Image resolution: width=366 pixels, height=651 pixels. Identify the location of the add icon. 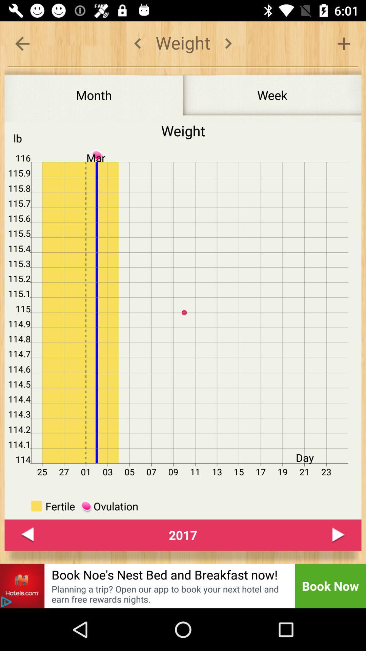
(344, 43).